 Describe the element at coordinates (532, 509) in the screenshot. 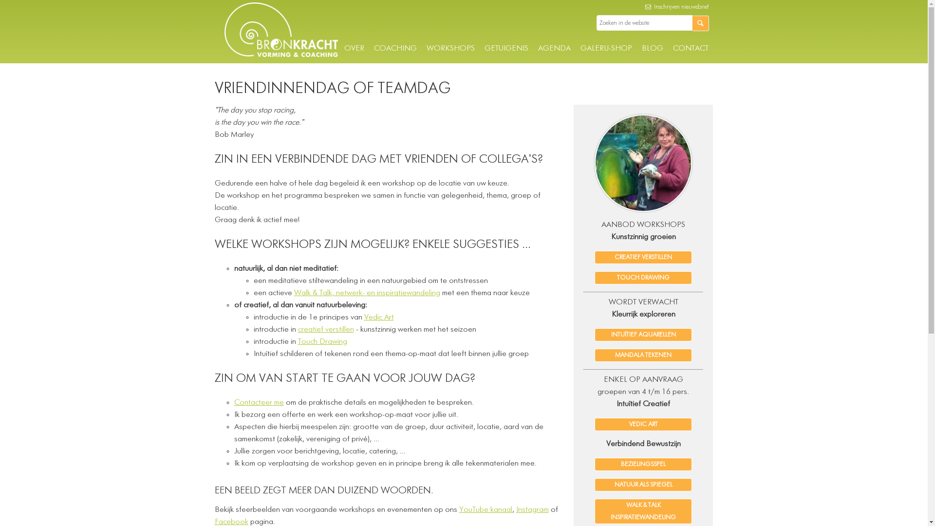

I see `'Instagram'` at that location.